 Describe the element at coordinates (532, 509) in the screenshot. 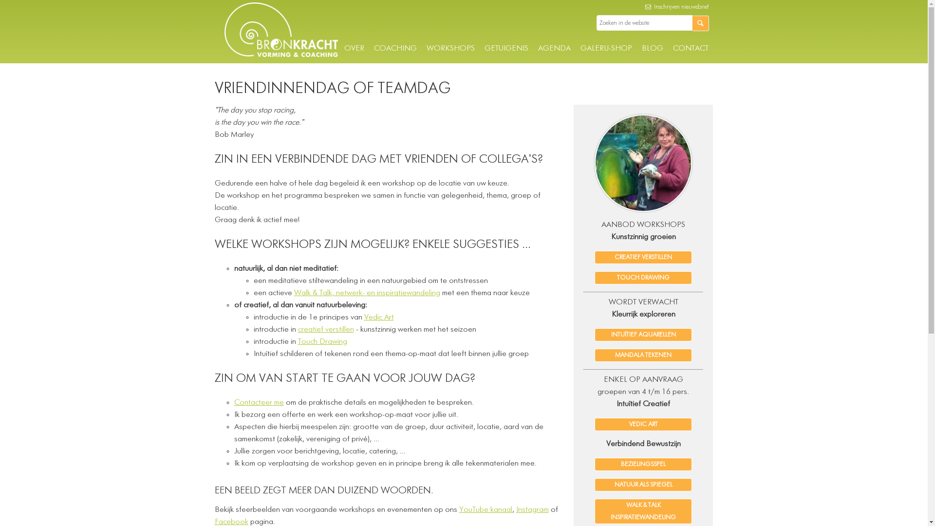

I see `'Instagram'` at that location.